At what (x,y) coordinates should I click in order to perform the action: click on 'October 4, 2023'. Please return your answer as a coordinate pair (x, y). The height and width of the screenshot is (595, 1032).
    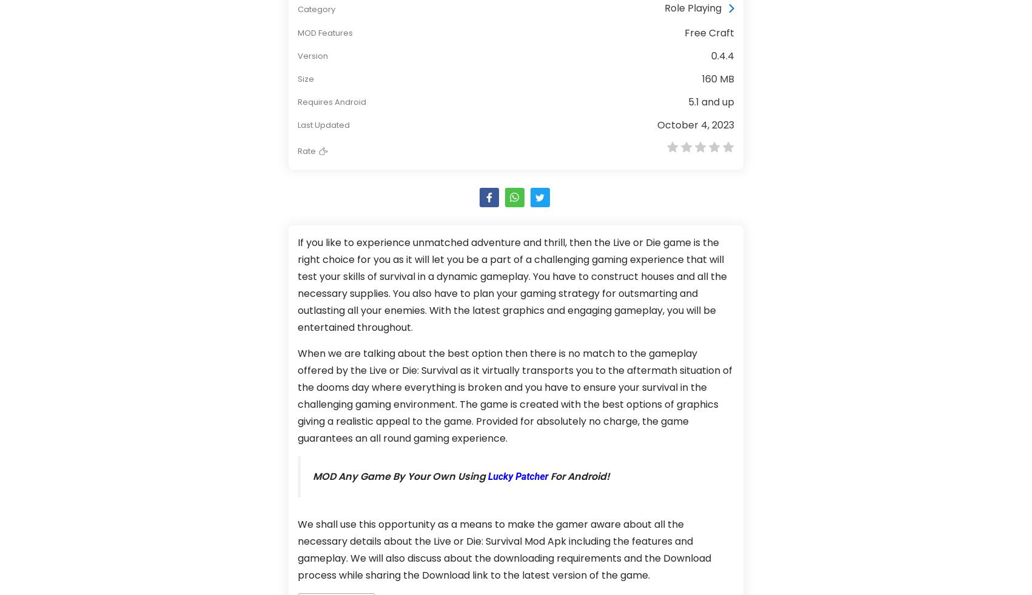
    Looking at the image, I should click on (657, 124).